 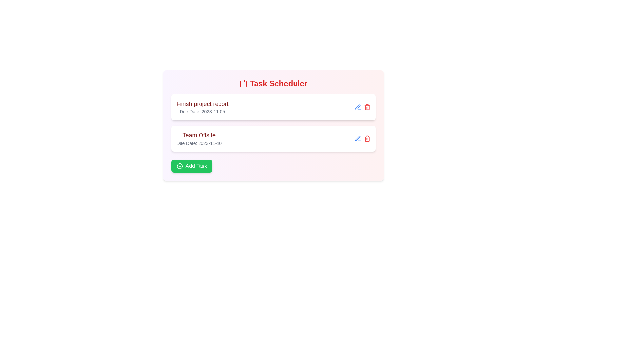 I want to click on 'Add Task' button to add a new task, so click(x=191, y=166).